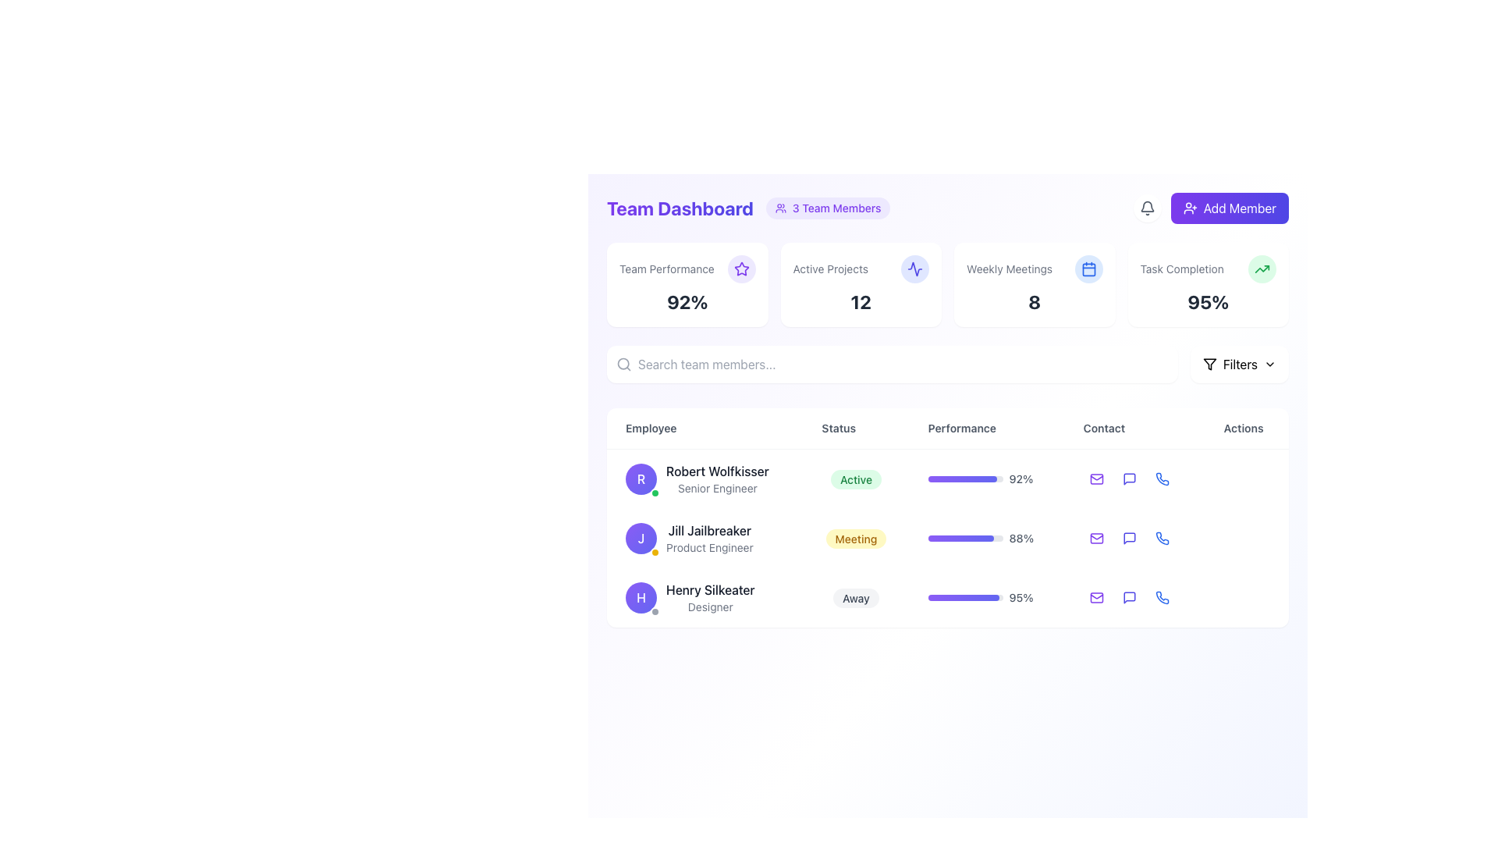  I want to click on the task completion performance icon located to the right of the 'Task Completion' text in the top-right section of the dashboard, so click(1262, 268).